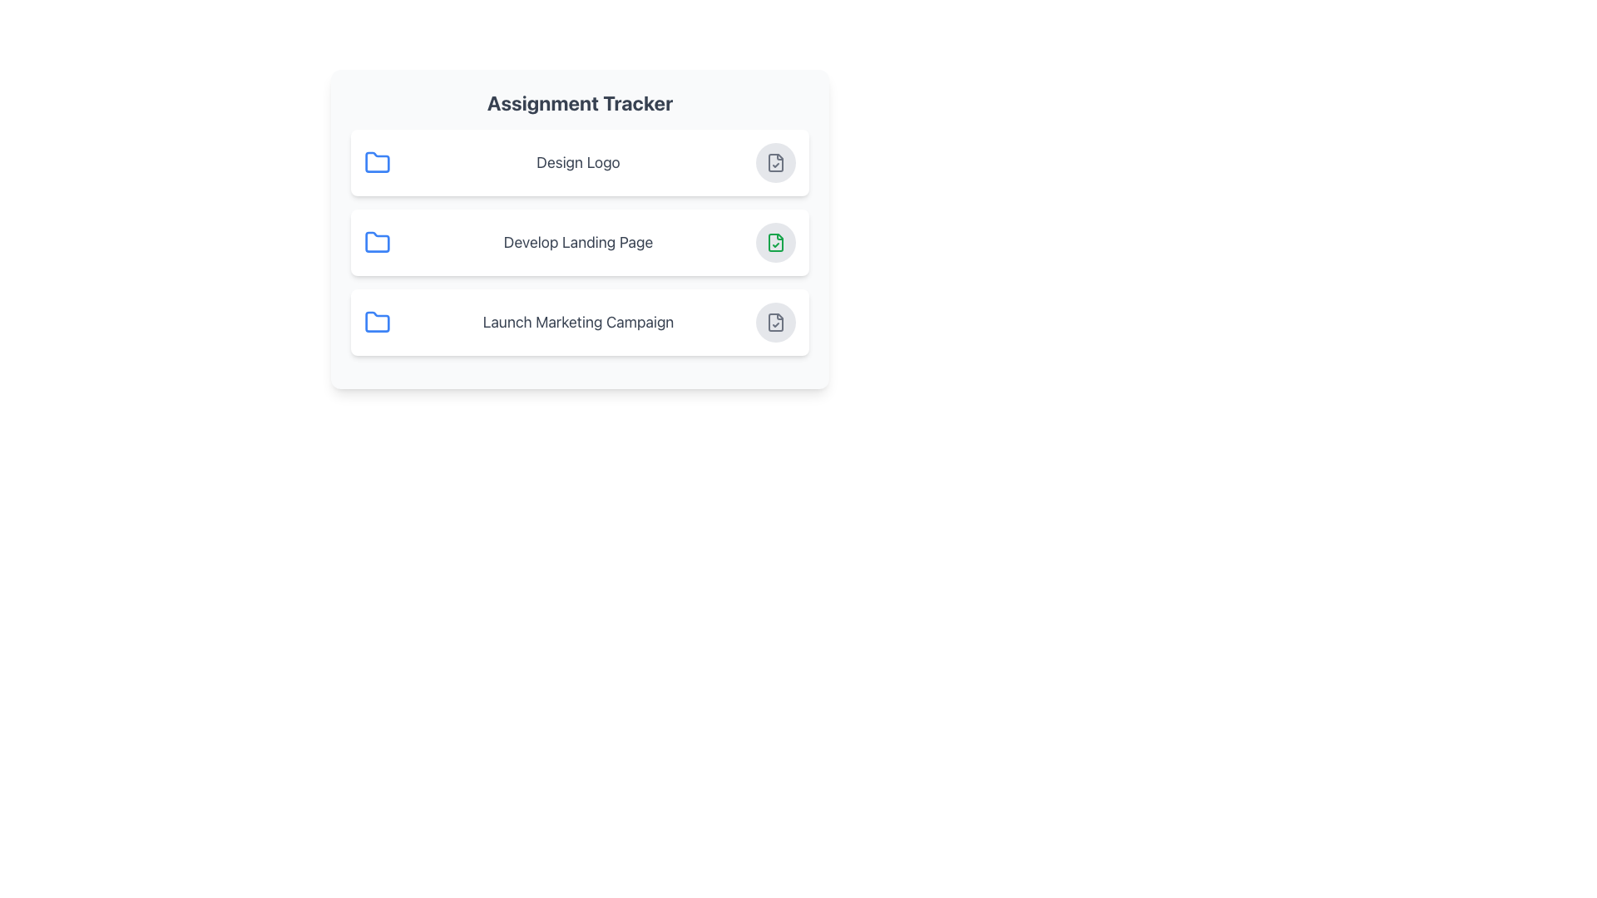 The width and height of the screenshot is (1597, 898). I want to click on text of the Text Label located in the middle of the second card in the assignment tracker interface, positioned between 'Design Logo' and 'Launch Marketing Campaign', so click(578, 243).